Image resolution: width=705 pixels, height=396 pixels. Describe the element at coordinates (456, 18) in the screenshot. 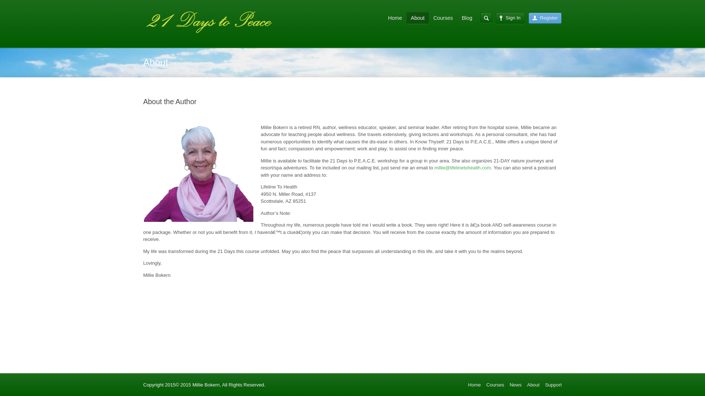

I see `'Blog'` at that location.